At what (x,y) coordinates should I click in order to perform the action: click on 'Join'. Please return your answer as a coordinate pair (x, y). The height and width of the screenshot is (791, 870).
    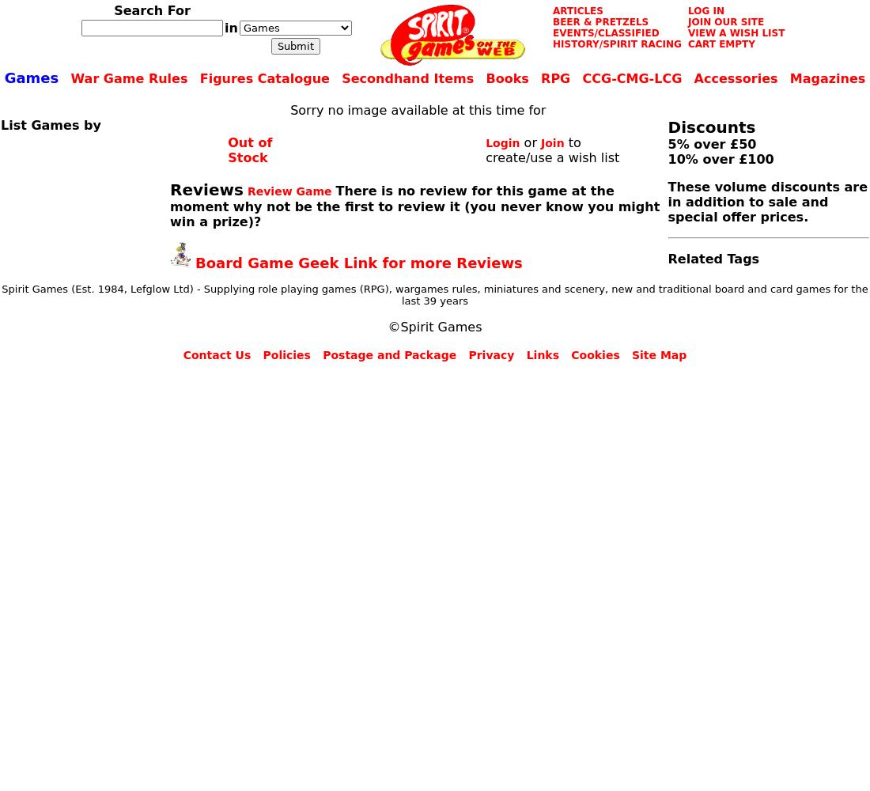
    Looking at the image, I should click on (540, 142).